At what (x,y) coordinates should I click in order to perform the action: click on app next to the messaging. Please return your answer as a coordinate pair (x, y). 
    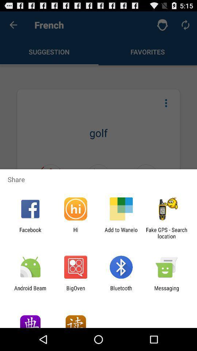
    Looking at the image, I should click on (121, 291).